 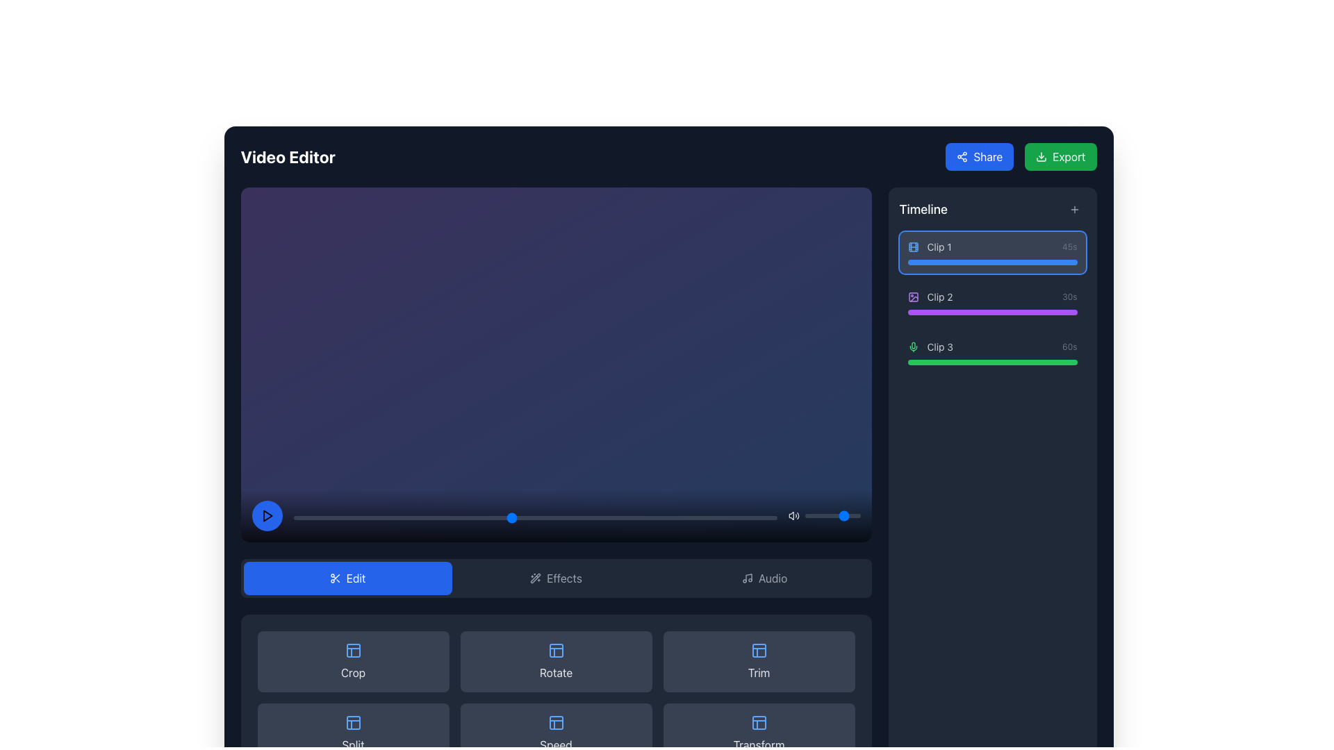 What do you see at coordinates (979, 156) in the screenshot?
I see `the leftmost button at the top right of the interface` at bounding box center [979, 156].